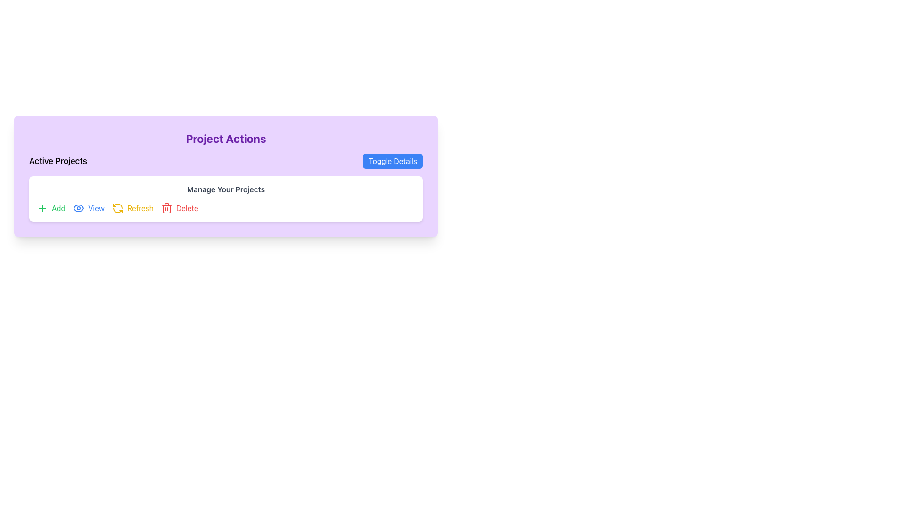 This screenshot has width=905, height=509. I want to click on the bold header text labeled 'Manage Your Projects' which is styled in gray and located centrally within a white card-like section, so click(225, 189).